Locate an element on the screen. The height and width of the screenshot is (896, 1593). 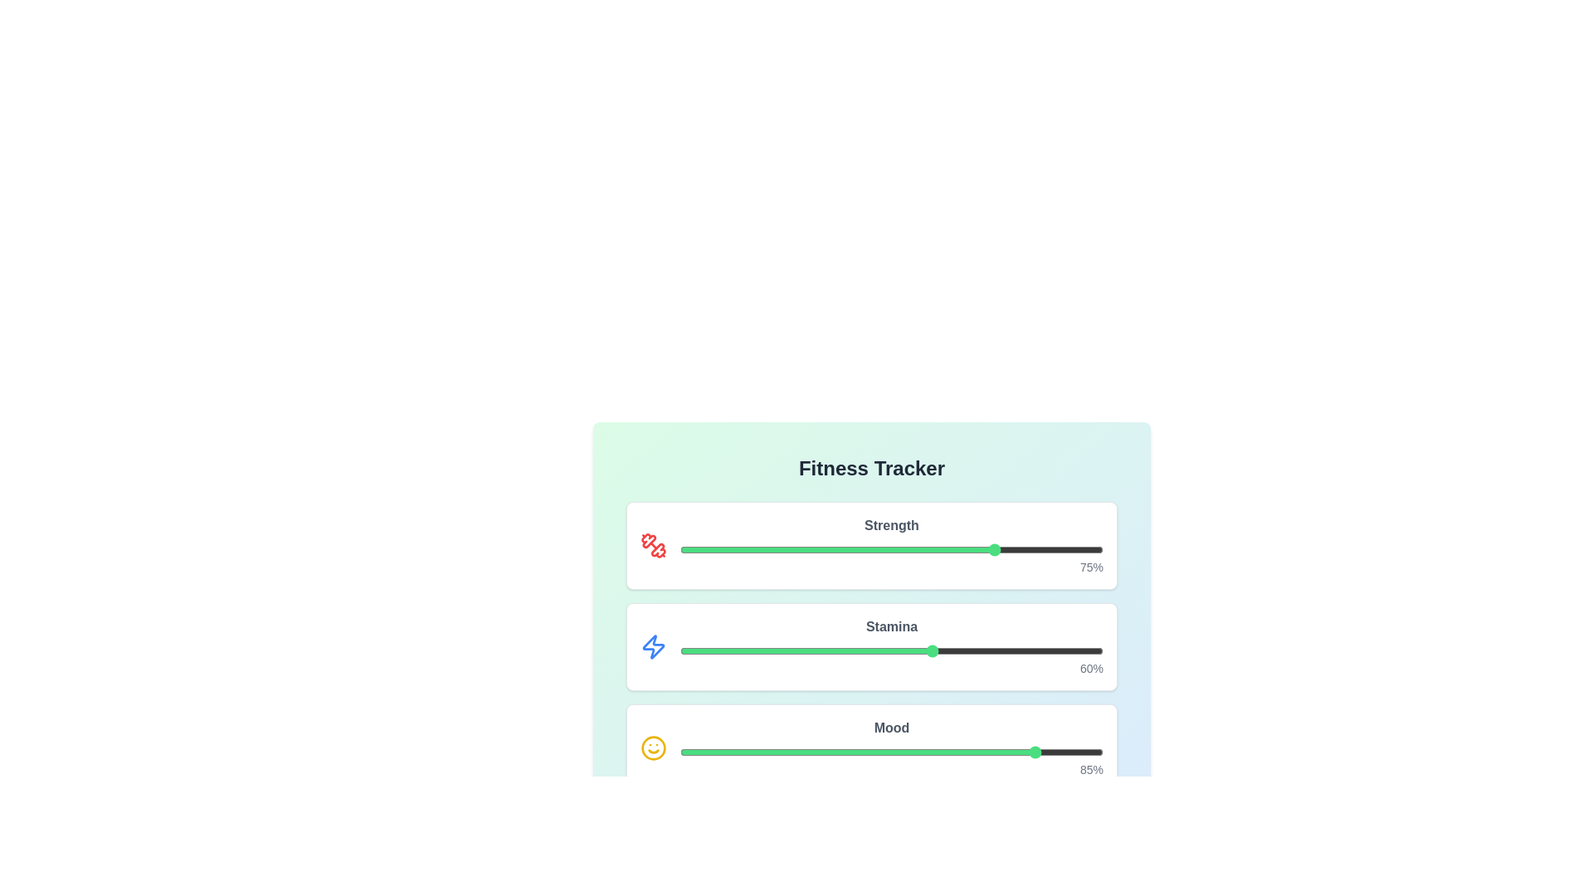
the 'Mood' slider to 67% is located at coordinates (963, 752).